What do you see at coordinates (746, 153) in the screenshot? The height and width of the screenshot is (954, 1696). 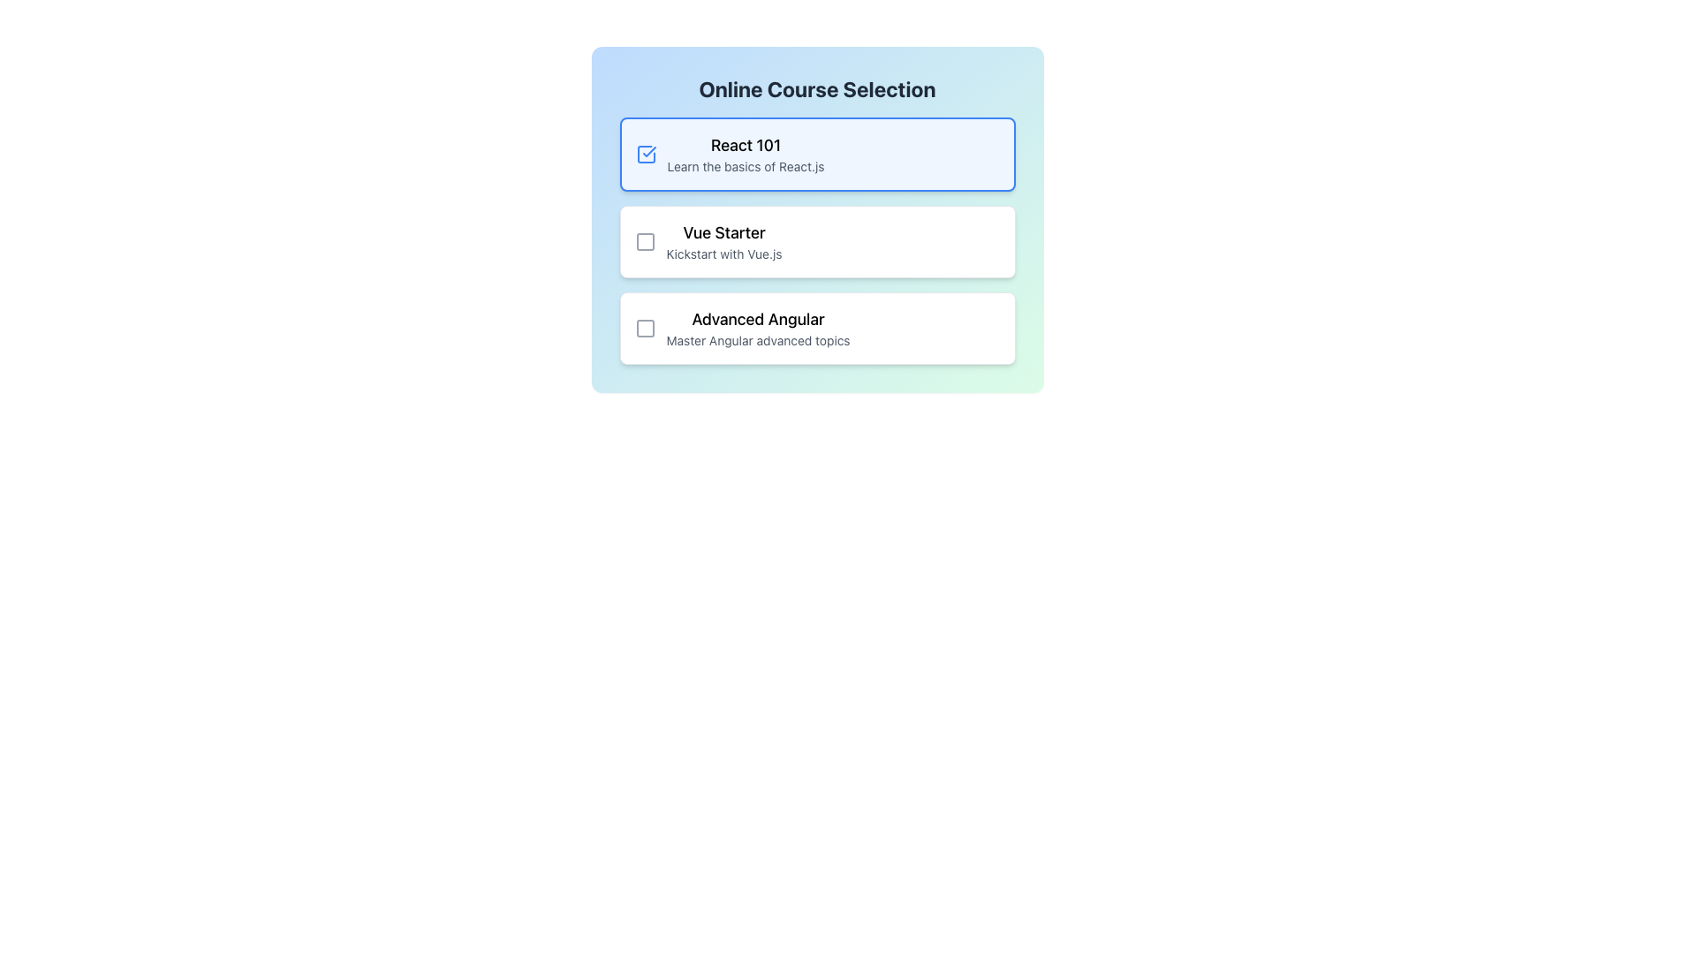 I see `text label titled 'React 101' with the description 'Learn the basics of React.js', which is part of the topmost selection in the 'Online Course Selection' list` at bounding box center [746, 153].